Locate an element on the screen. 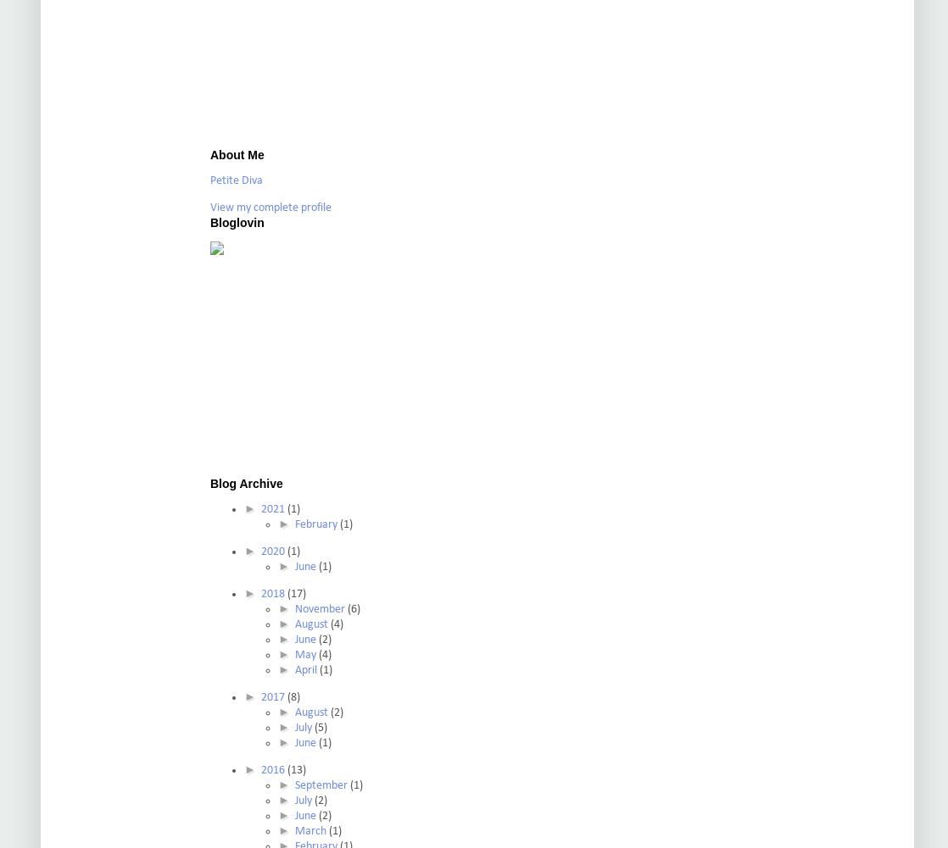  'View my complete profile' is located at coordinates (270, 207).